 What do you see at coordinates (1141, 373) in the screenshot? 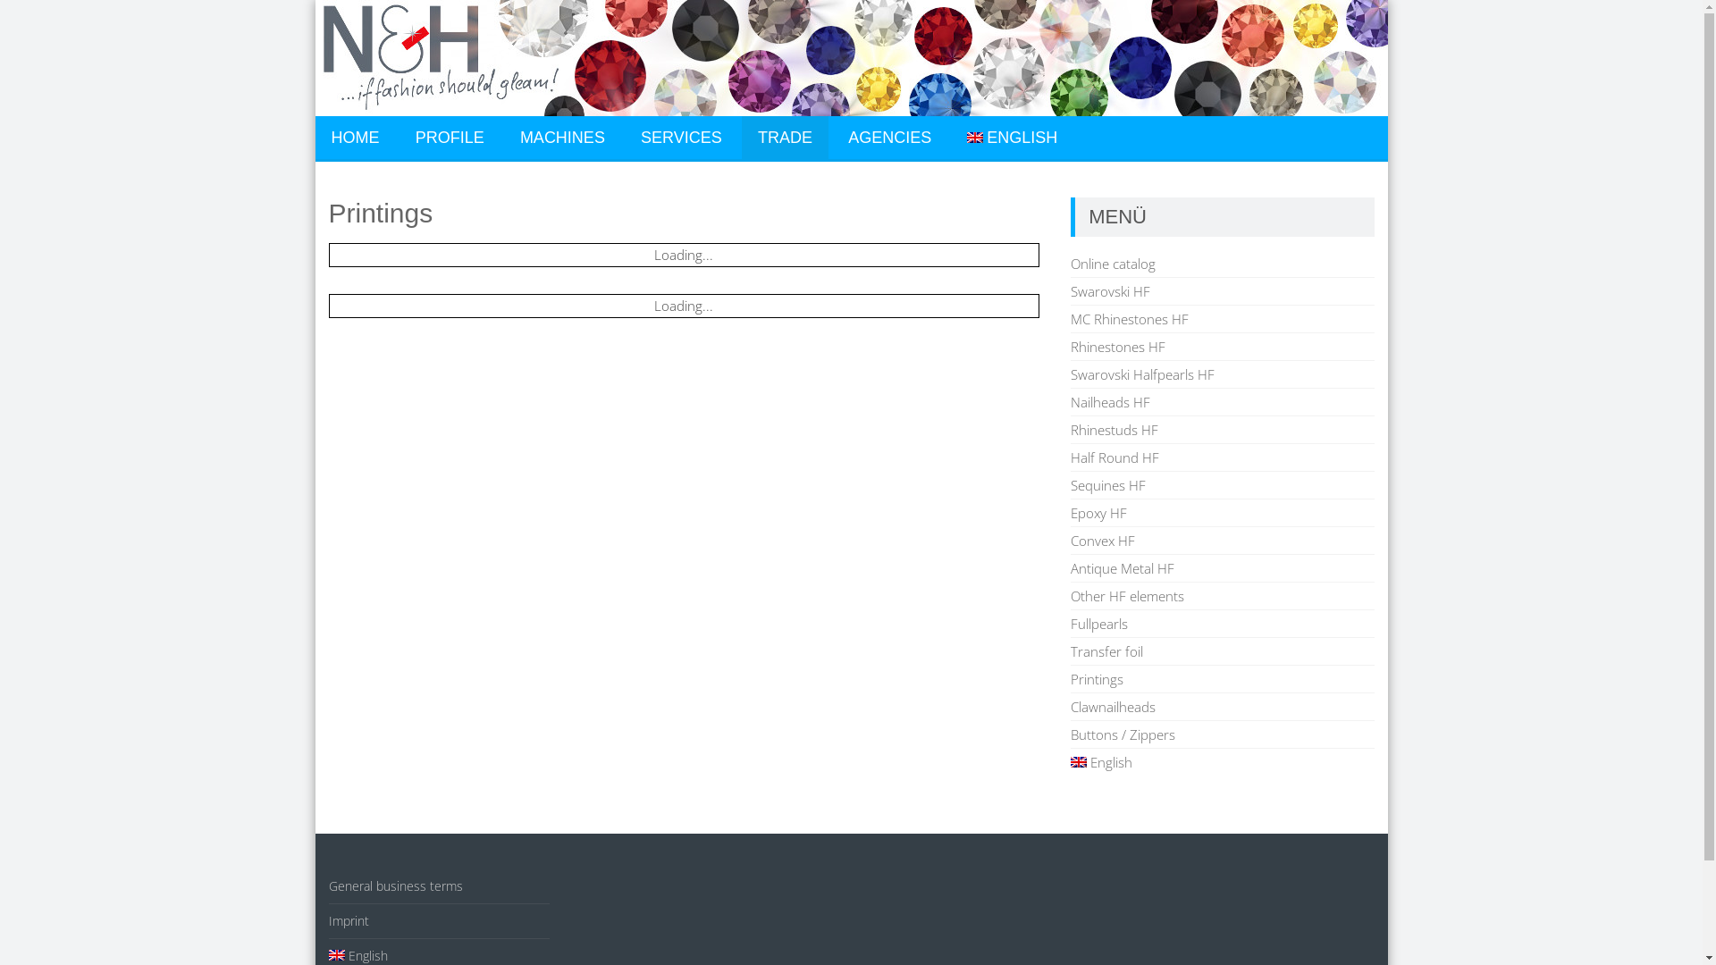
I see `'Swarovski Halfpearls HF'` at bounding box center [1141, 373].